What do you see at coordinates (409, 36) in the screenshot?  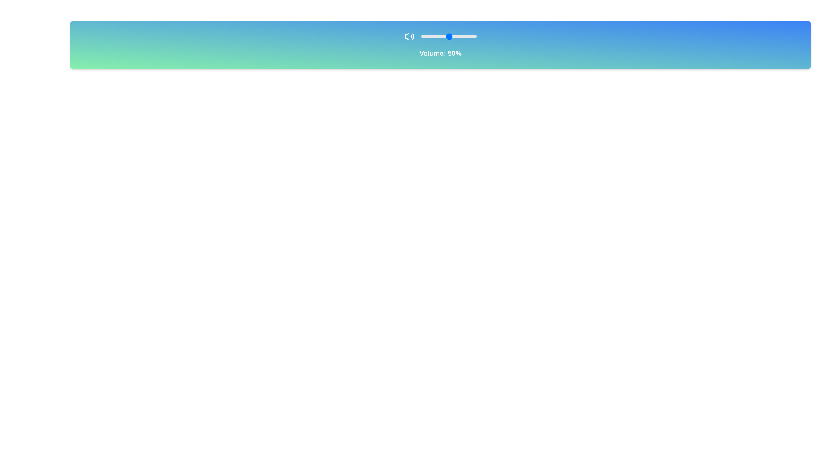 I see `the volume icon, which is a minimalistic speaker with sound waves located on the far left of the top bar` at bounding box center [409, 36].